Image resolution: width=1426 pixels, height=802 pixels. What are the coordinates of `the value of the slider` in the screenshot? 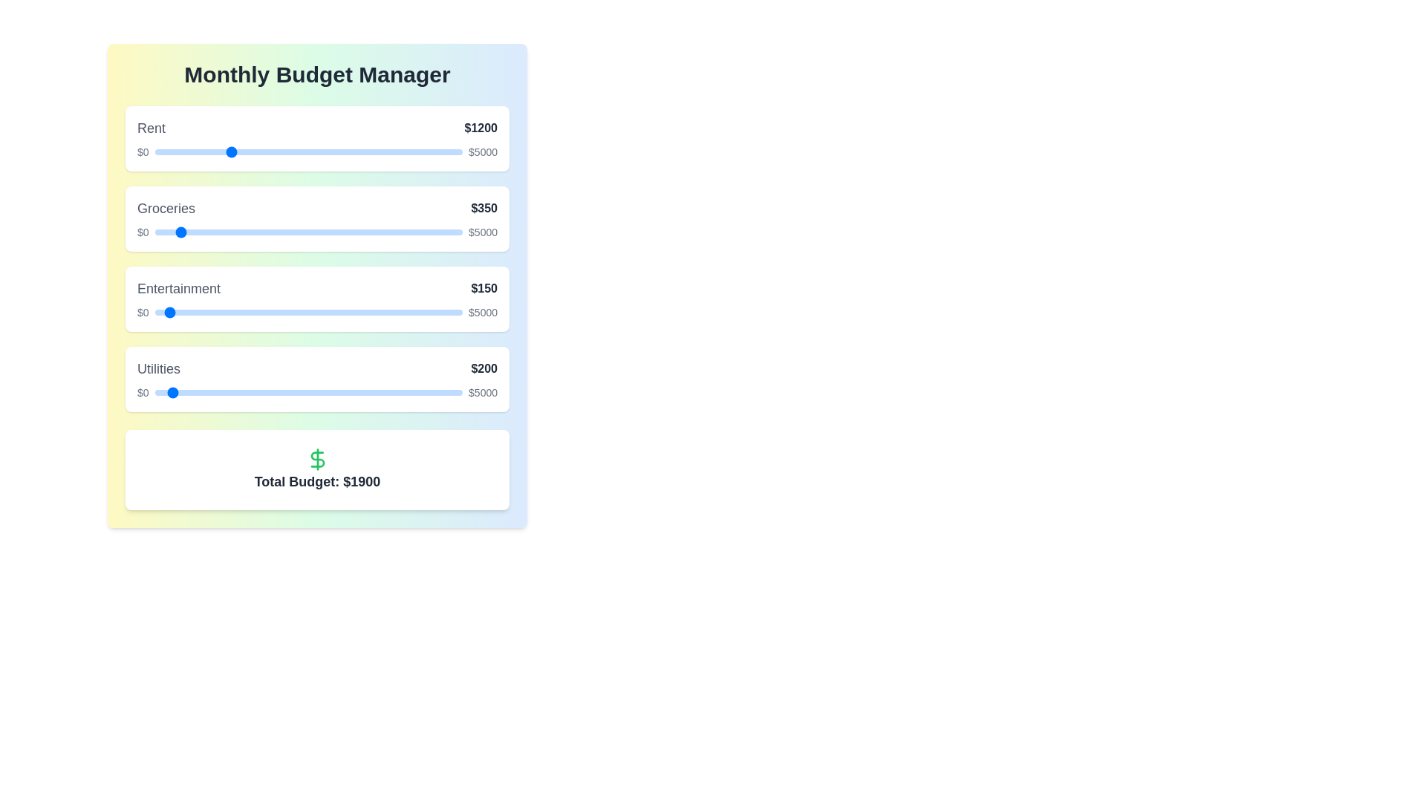 It's located at (333, 311).